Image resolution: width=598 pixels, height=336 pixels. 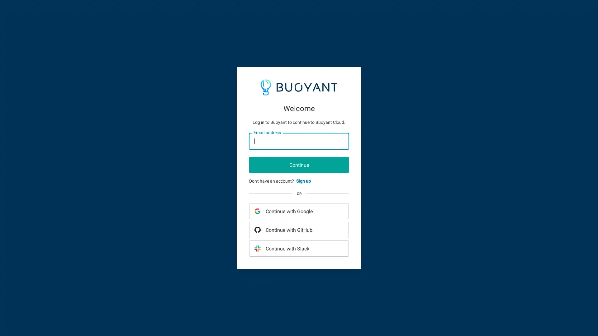 I want to click on Continue with Google, so click(x=299, y=211).